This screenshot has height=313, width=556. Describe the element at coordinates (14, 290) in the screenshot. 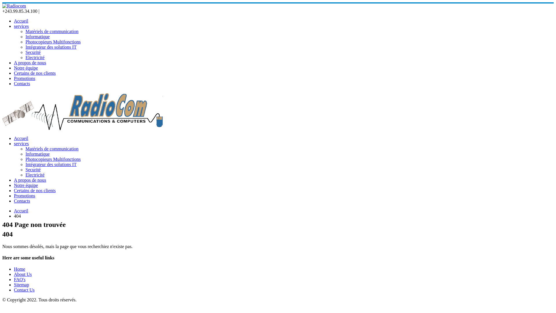

I see `'Contact Us'` at that location.